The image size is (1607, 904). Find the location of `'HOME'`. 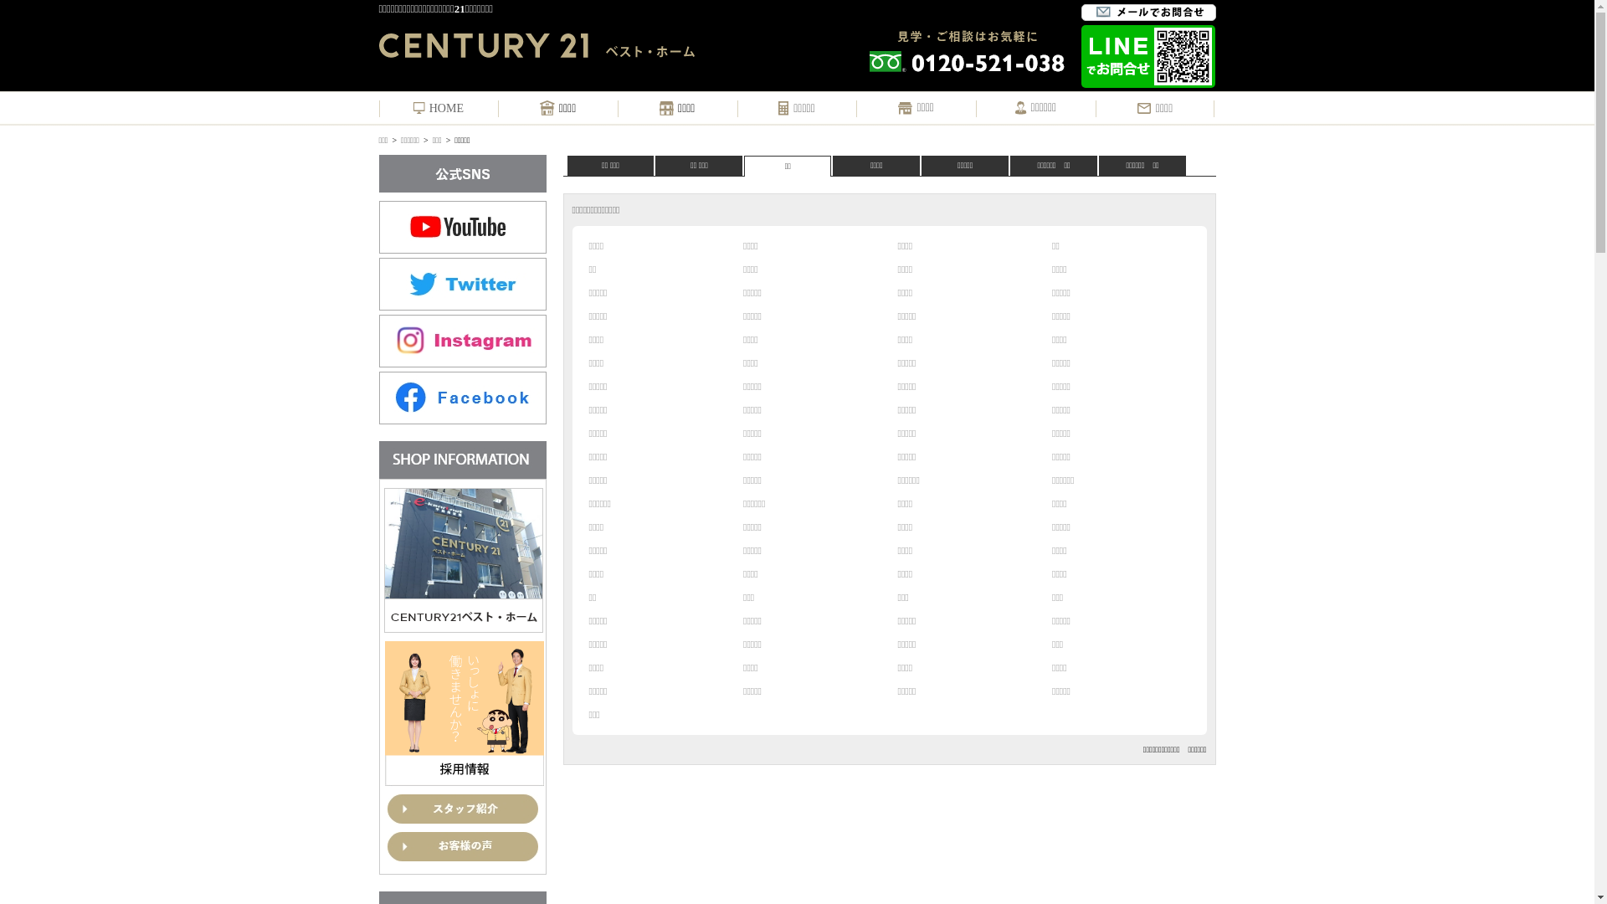

'HOME' is located at coordinates (413, 109).